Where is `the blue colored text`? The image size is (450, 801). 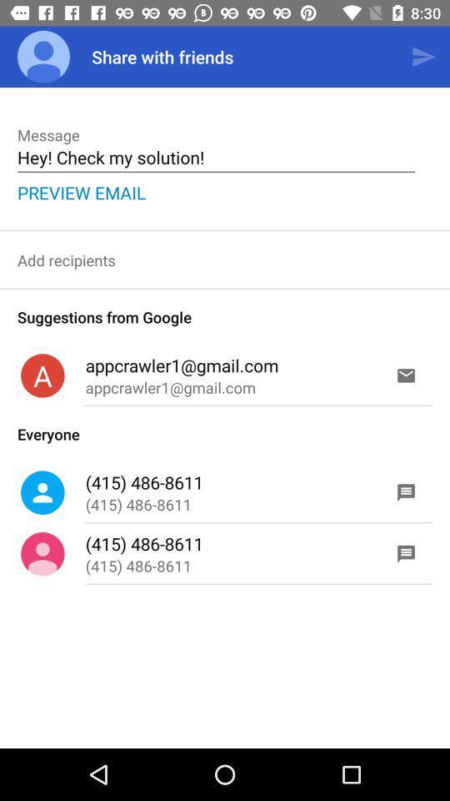
the blue colored text is located at coordinates (81, 192).